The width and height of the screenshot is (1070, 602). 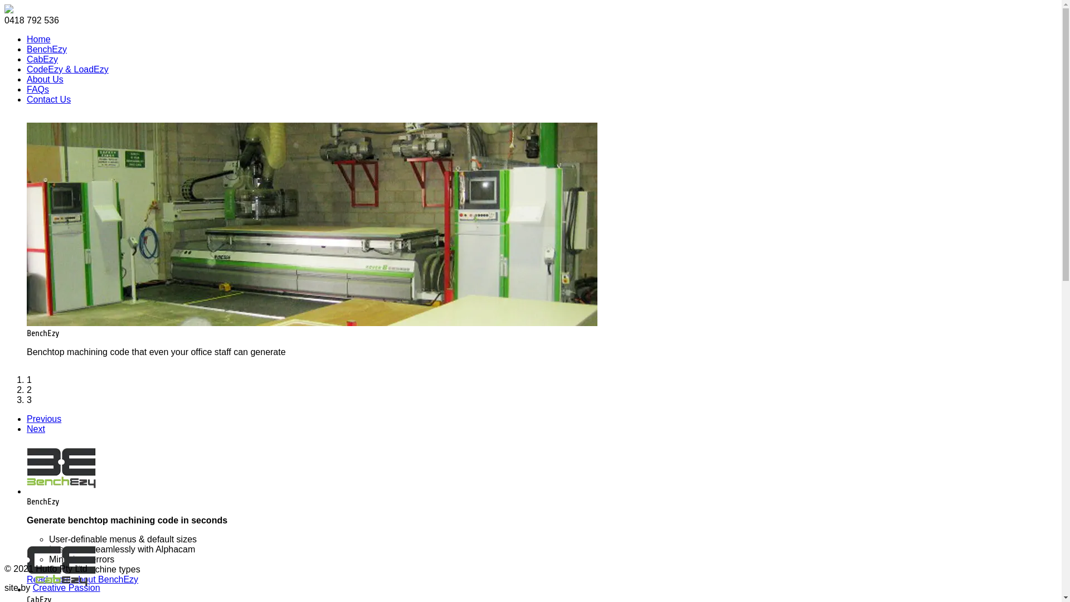 I want to click on 'Read more about BenchEzy', so click(x=82, y=579).